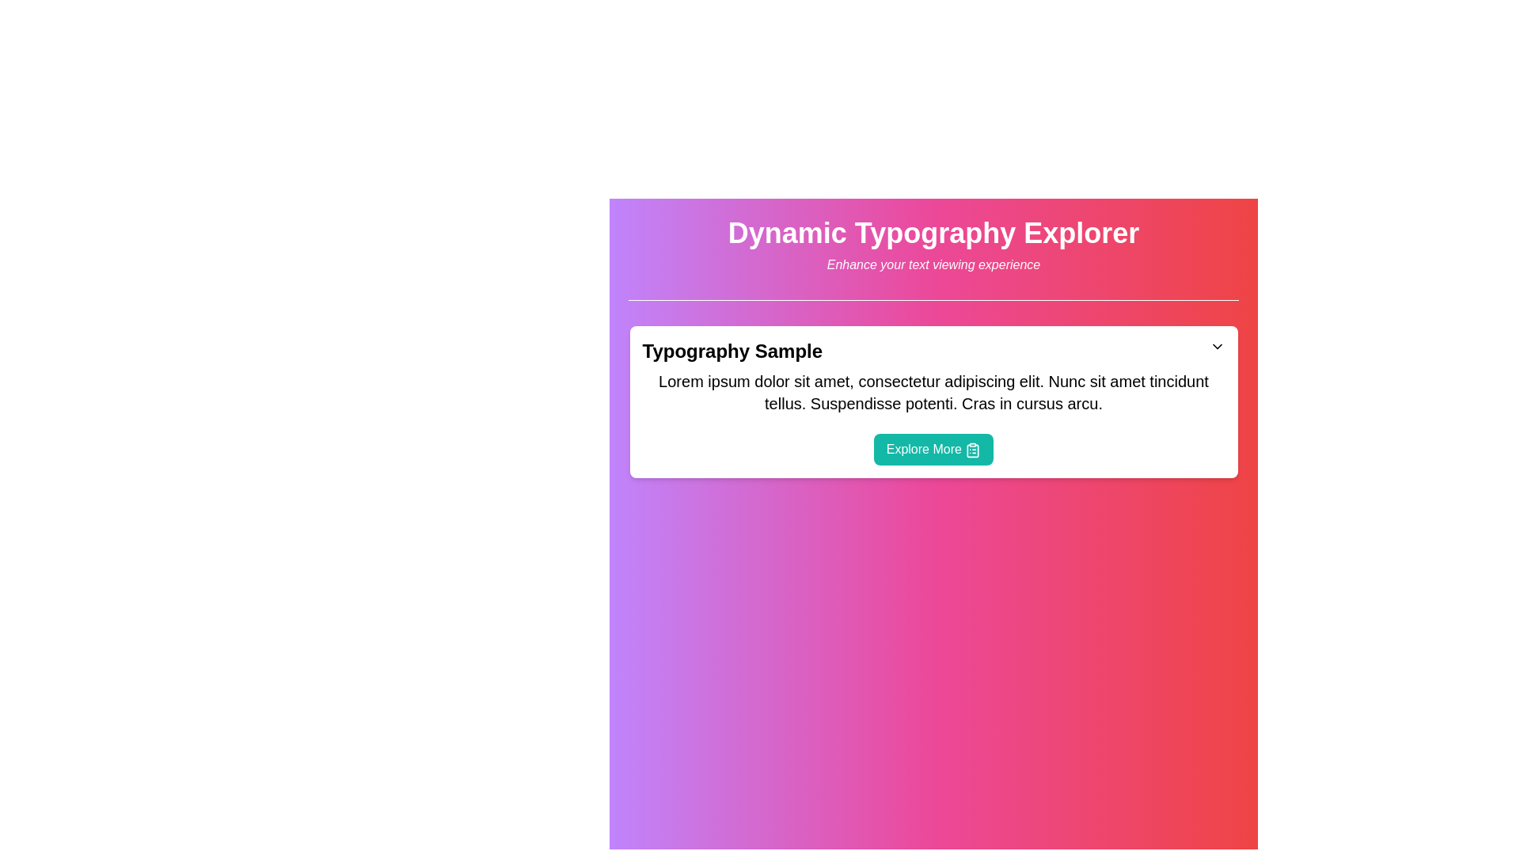  Describe the element at coordinates (933, 264) in the screenshot. I see `the subtitle text that supports the header 'Dynamic Typography Explorer', which is centered horizontally and positioned directly below it` at that location.